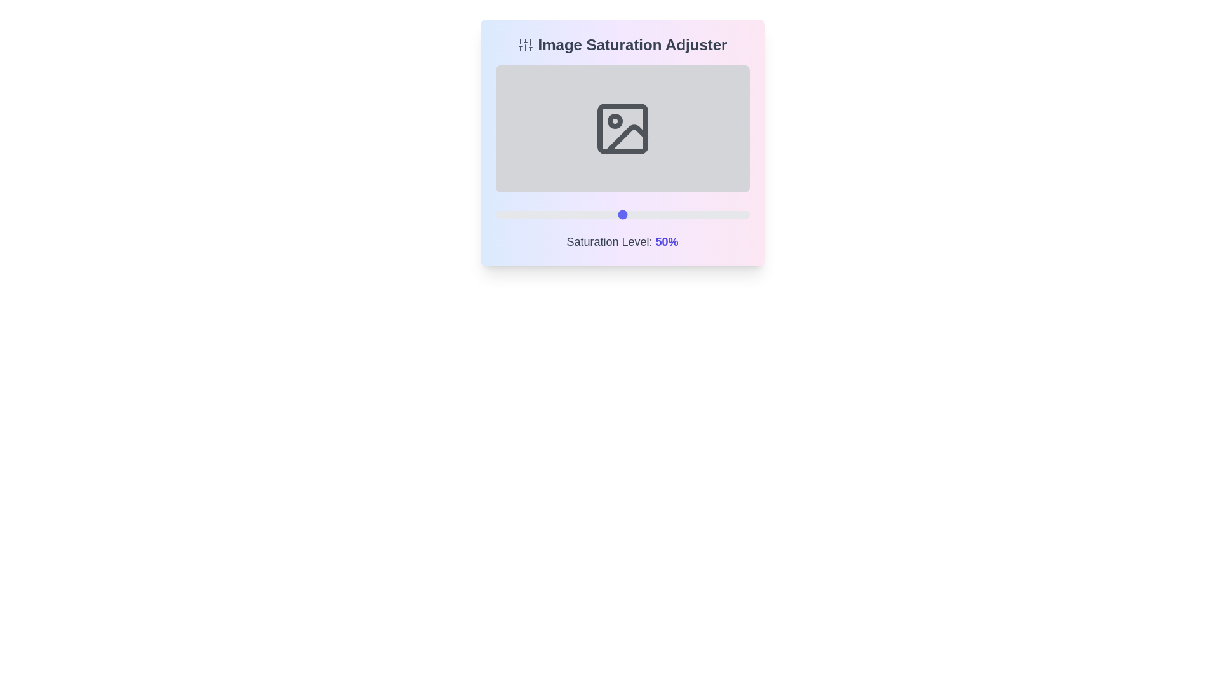  I want to click on the saturation level to 40% by interacting with the slider, so click(596, 214).